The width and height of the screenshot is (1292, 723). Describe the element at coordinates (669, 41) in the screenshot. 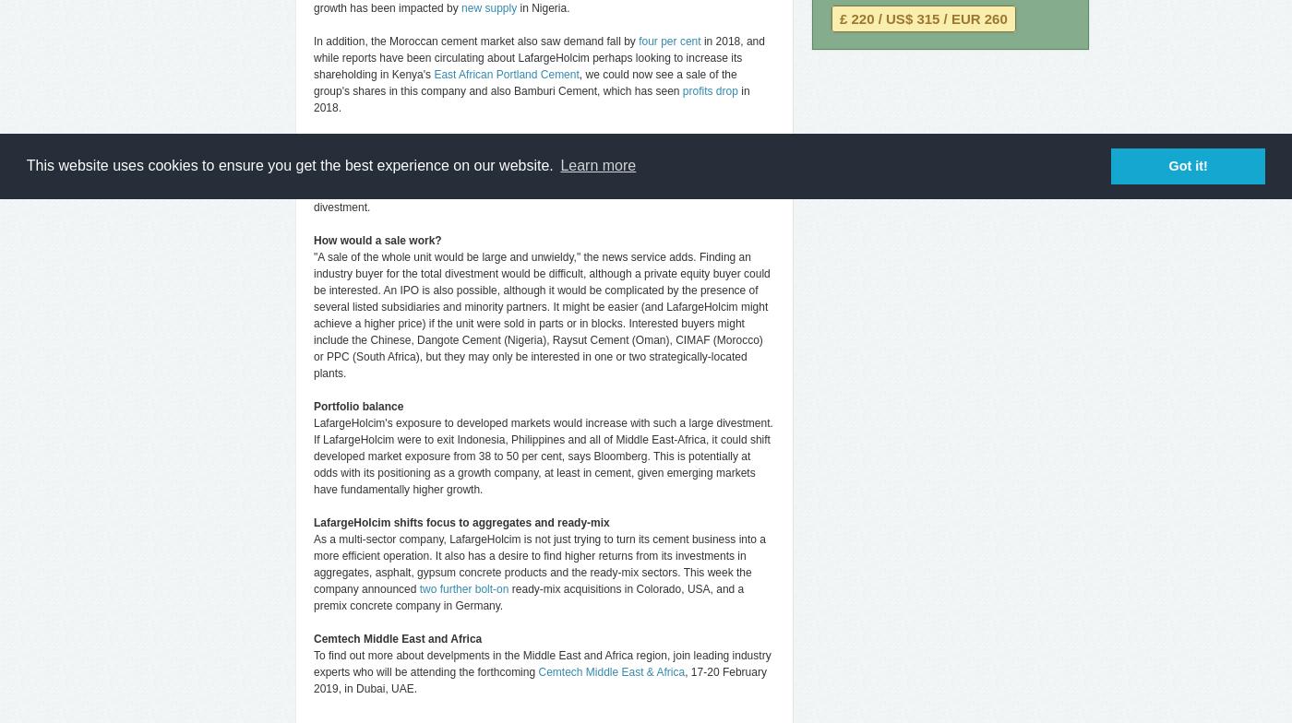

I see `'four per cent'` at that location.